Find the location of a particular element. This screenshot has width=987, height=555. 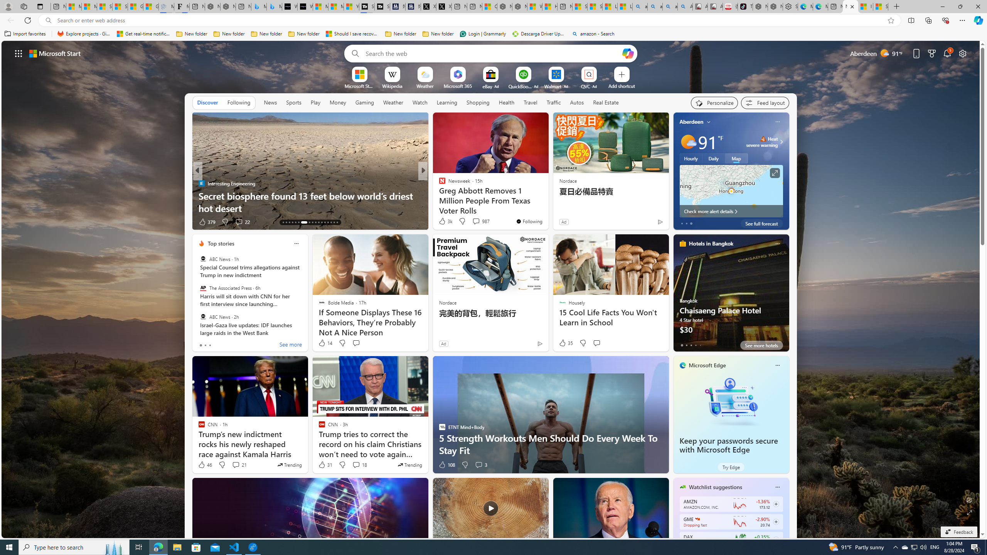

'View comments 22 Comment' is located at coordinates (239, 221).